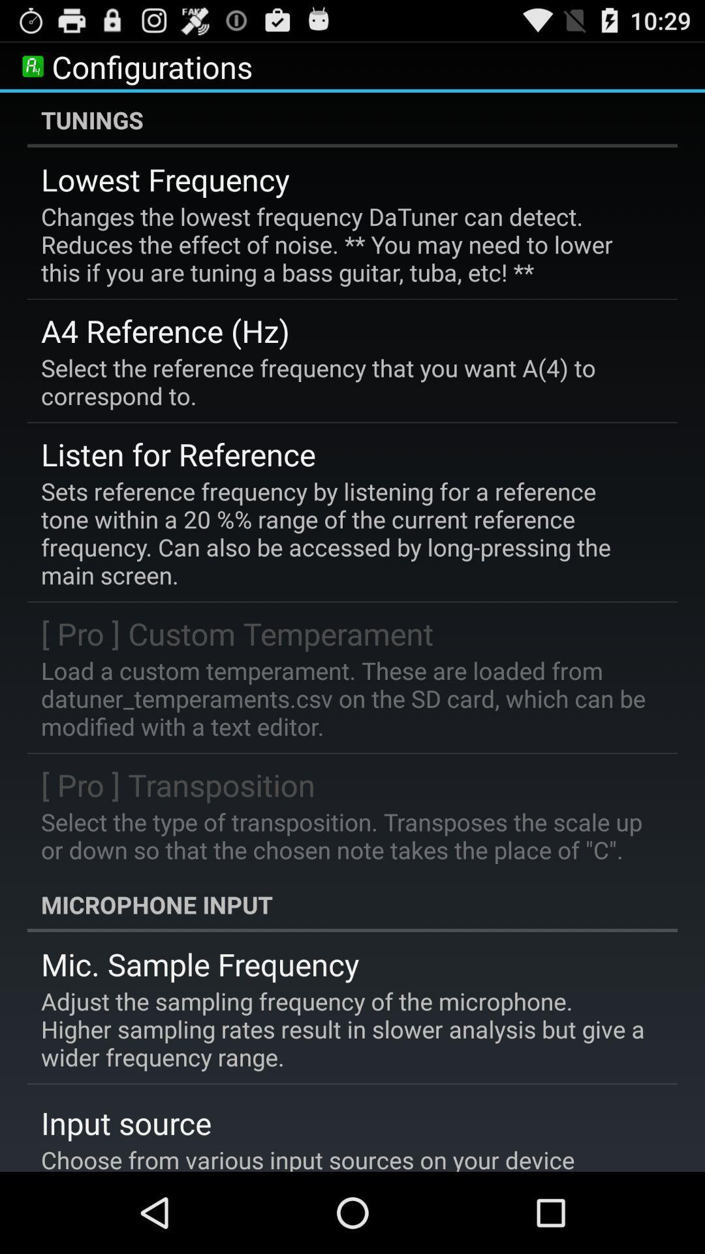  What do you see at coordinates (352, 904) in the screenshot?
I see `the microphone input item` at bounding box center [352, 904].